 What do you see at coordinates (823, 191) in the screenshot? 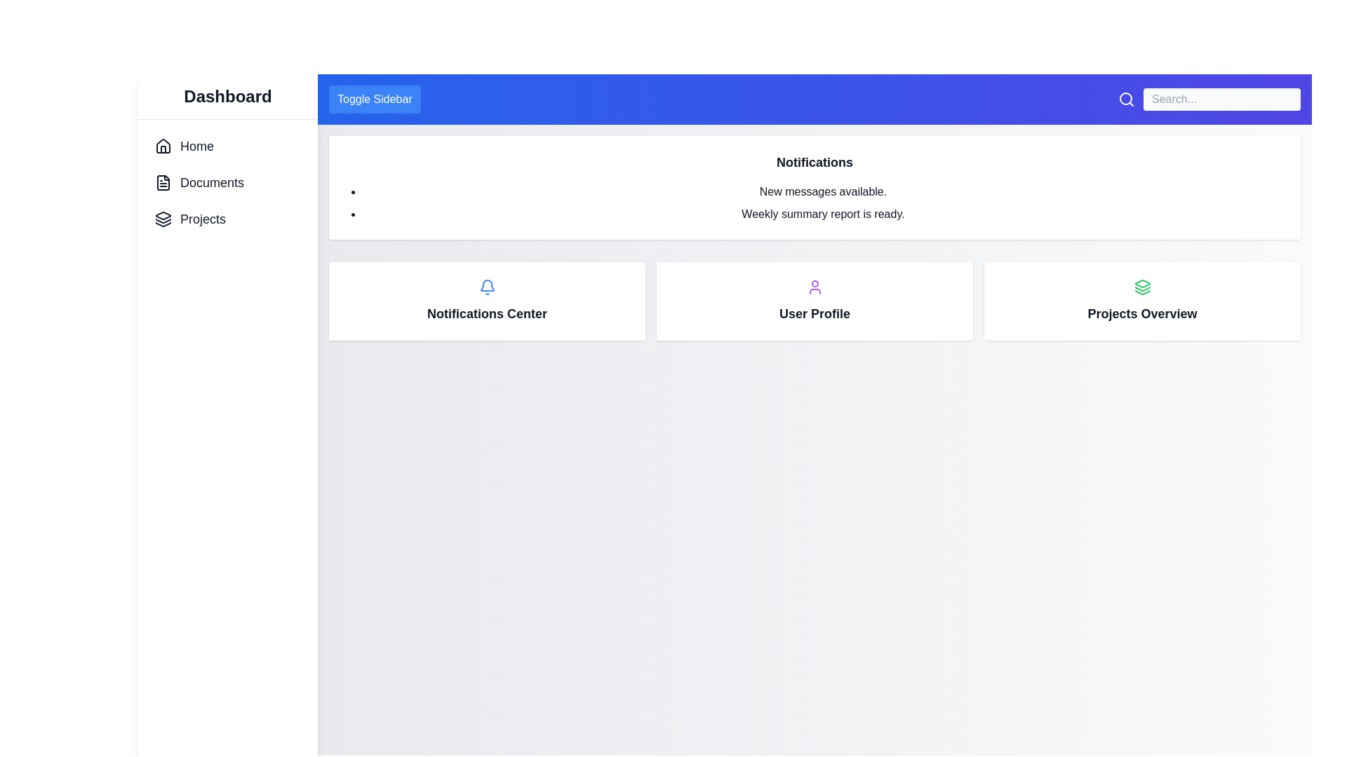
I see `the static text message 'New messages available.' which is the first item in the notifications list under the title 'Notifications.'` at bounding box center [823, 191].